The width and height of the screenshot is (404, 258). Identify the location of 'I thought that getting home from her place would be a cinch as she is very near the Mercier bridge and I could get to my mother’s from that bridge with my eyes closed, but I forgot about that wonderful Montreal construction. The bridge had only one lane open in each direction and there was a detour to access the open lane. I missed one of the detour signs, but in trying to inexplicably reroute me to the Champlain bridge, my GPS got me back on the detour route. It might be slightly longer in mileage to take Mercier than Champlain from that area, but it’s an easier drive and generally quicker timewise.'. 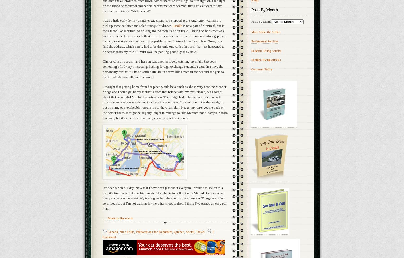
(165, 102).